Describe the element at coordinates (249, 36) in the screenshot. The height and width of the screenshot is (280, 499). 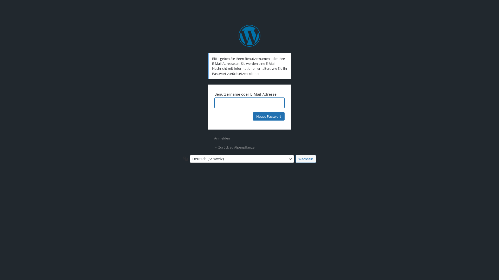
I see `'Powered by WordPress'` at that location.